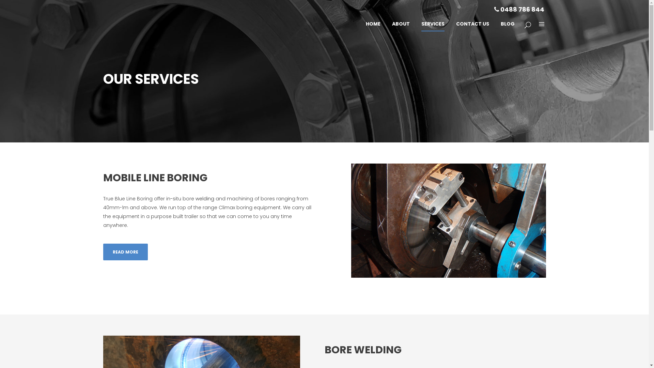 This screenshot has width=654, height=368. I want to click on '0488 786 844', so click(518, 9).